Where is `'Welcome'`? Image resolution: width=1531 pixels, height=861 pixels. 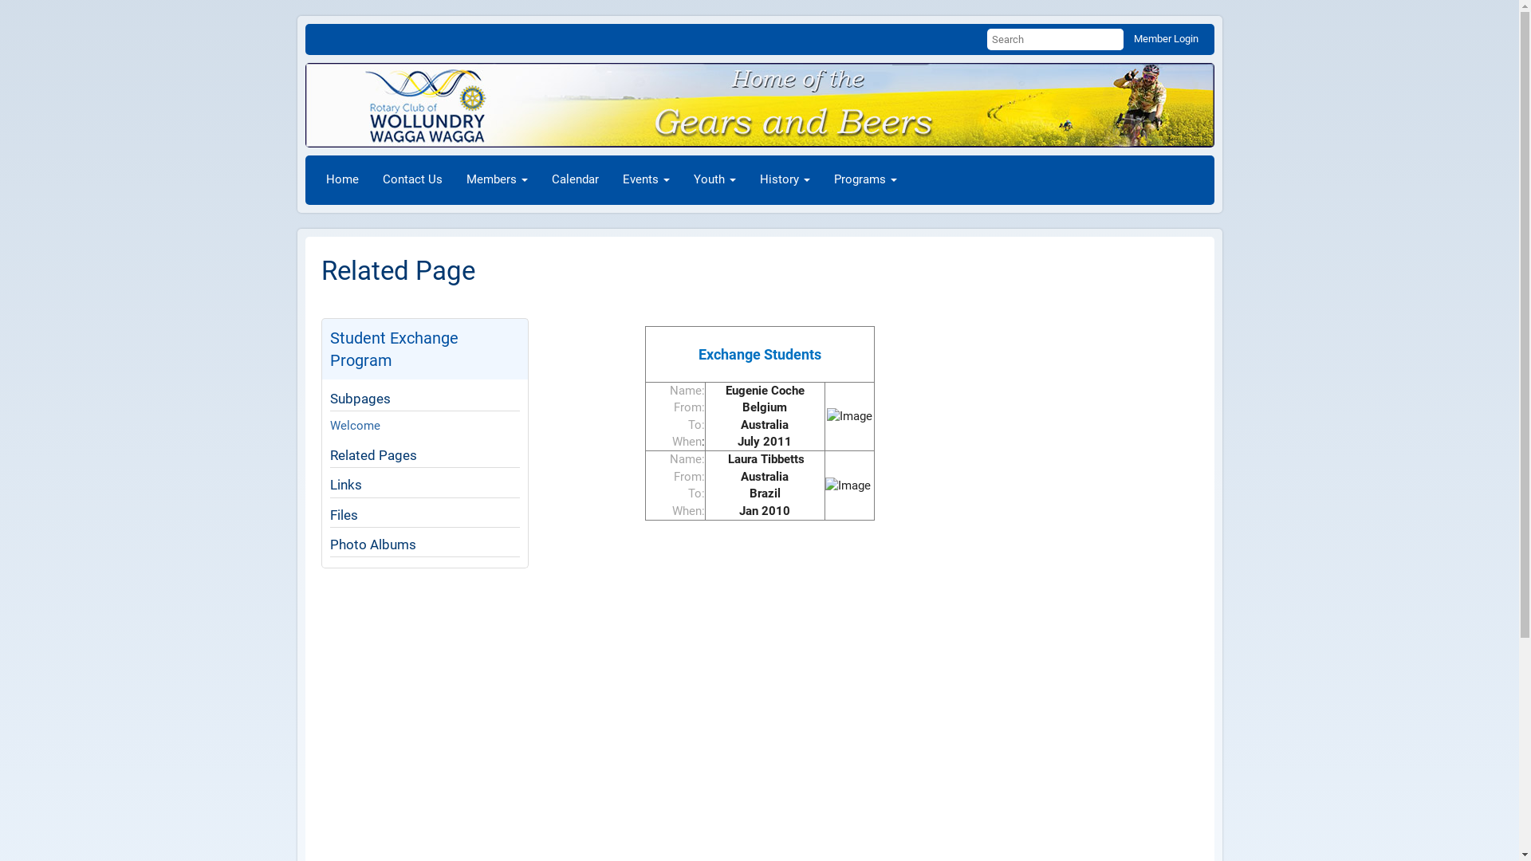
'Welcome' is located at coordinates (354, 424).